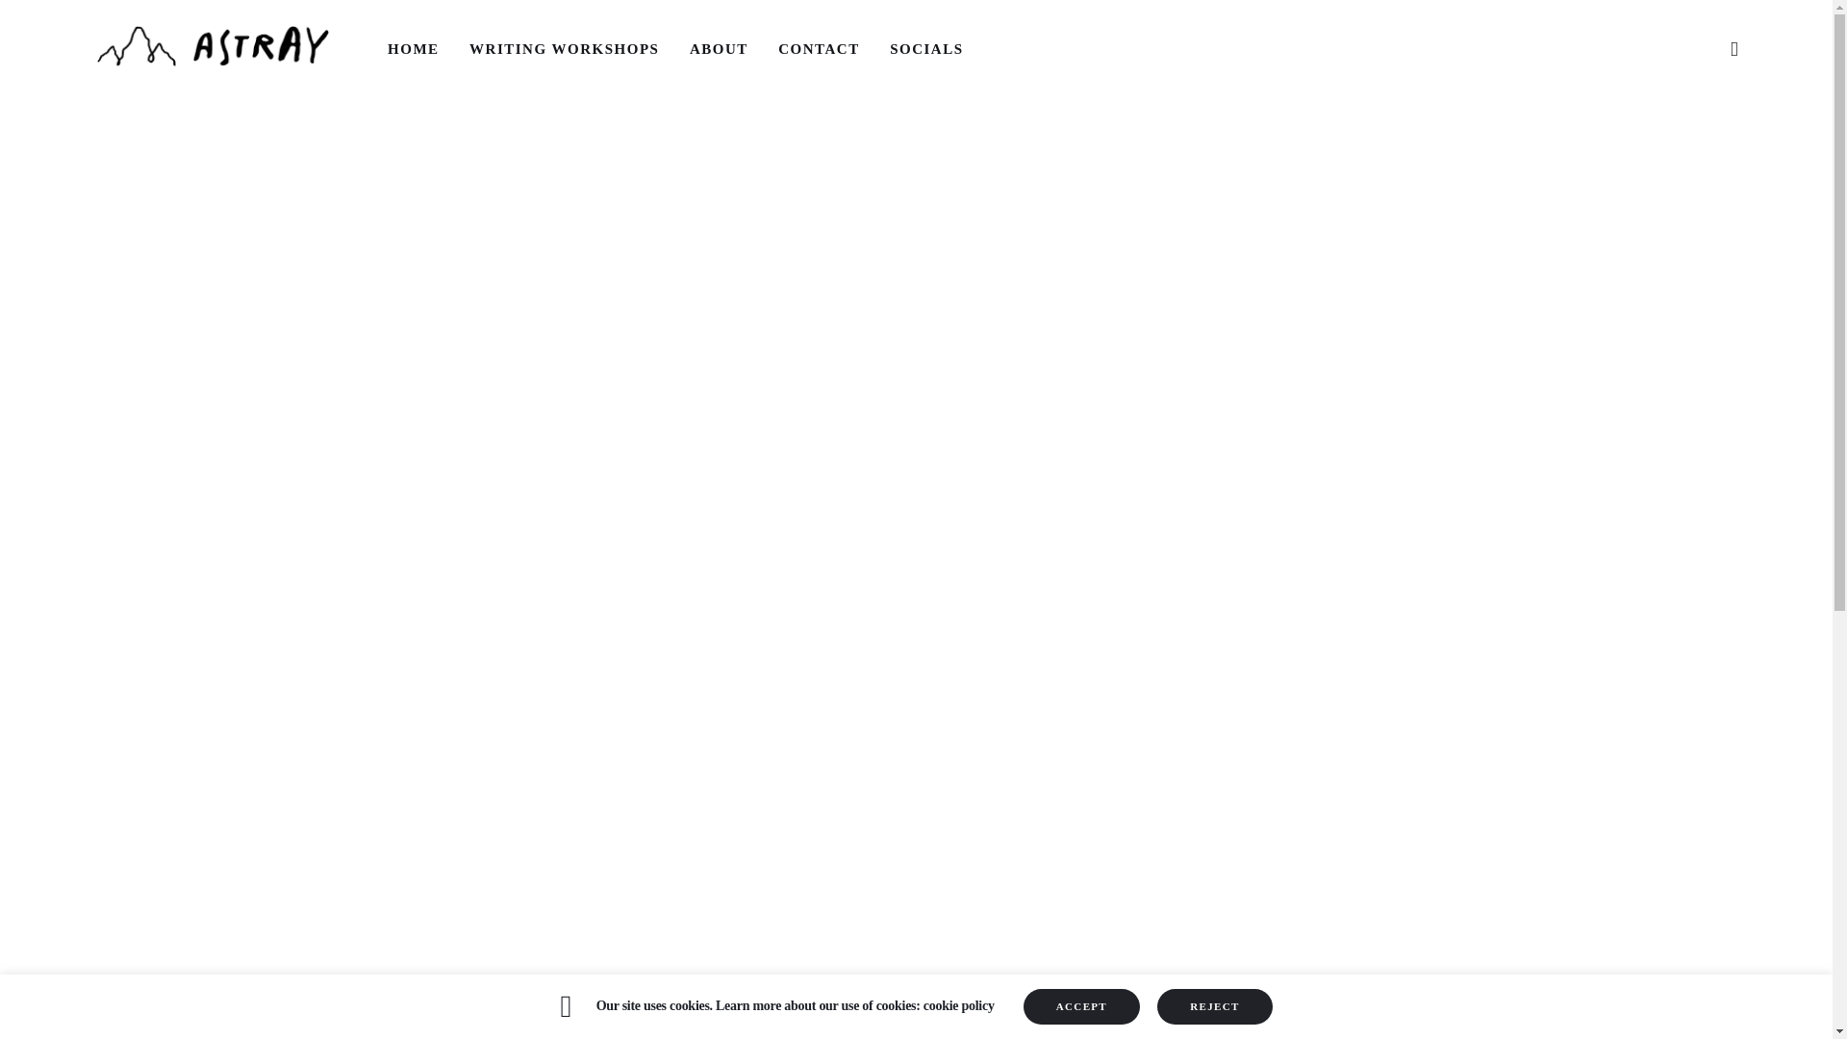 The image size is (1847, 1039). What do you see at coordinates (819, 47) in the screenshot?
I see `'CONTACT'` at bounding box center [819, 47].